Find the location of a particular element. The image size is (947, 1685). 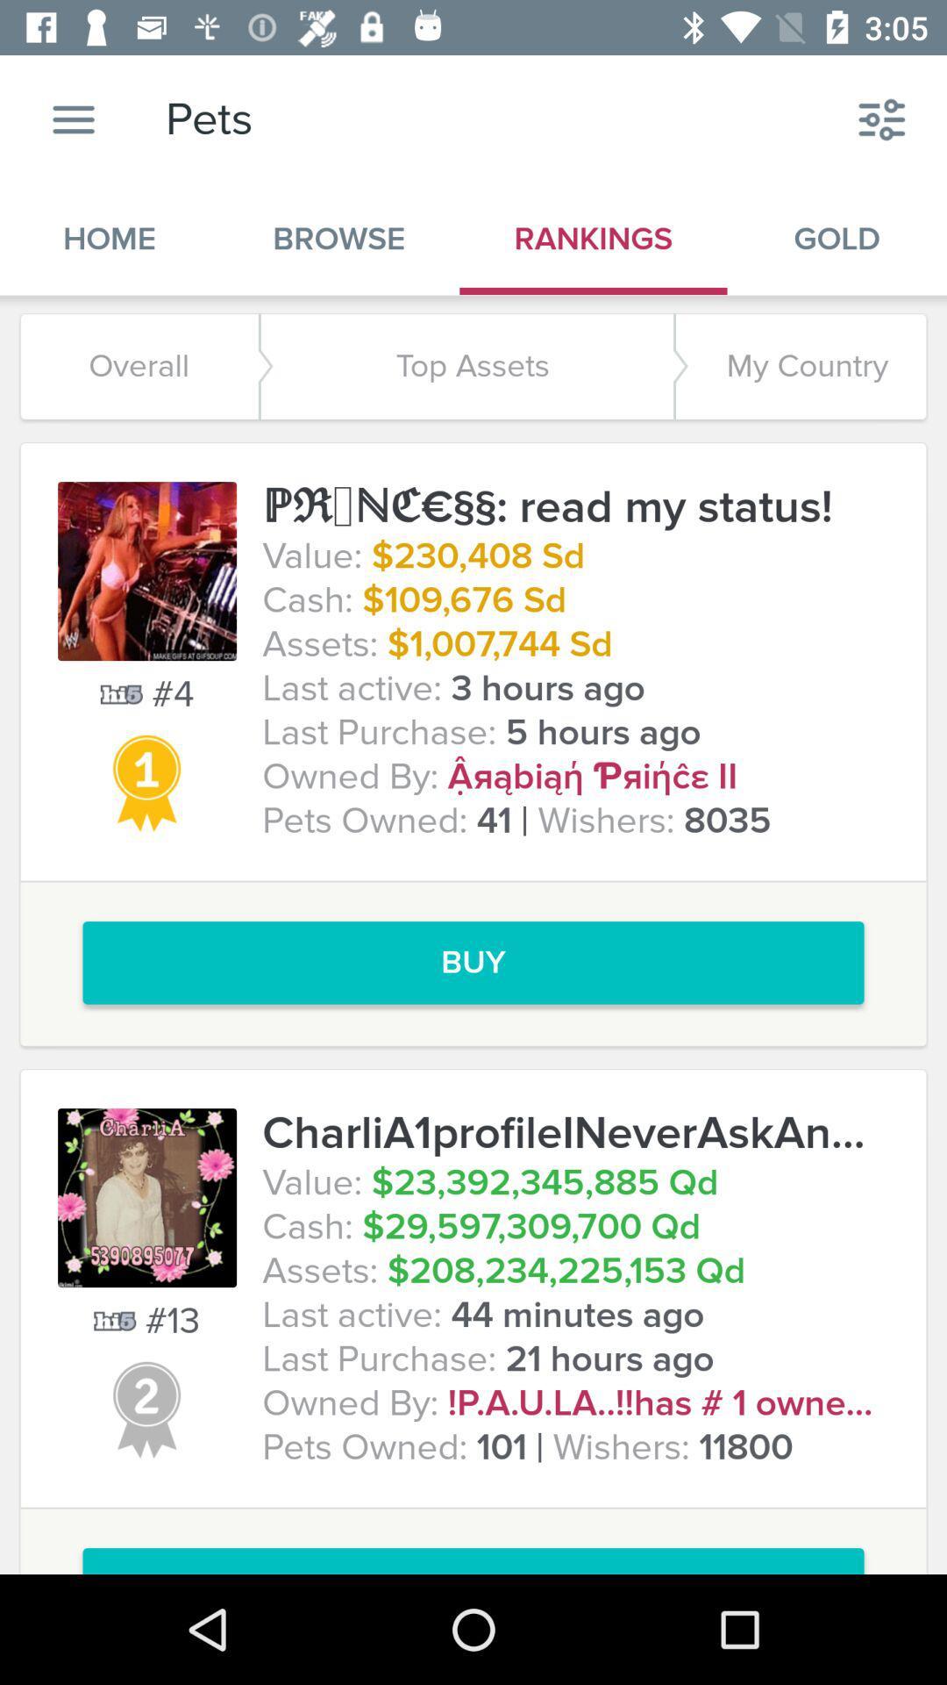

icon next to the pets is located at coordinates (73, 118).